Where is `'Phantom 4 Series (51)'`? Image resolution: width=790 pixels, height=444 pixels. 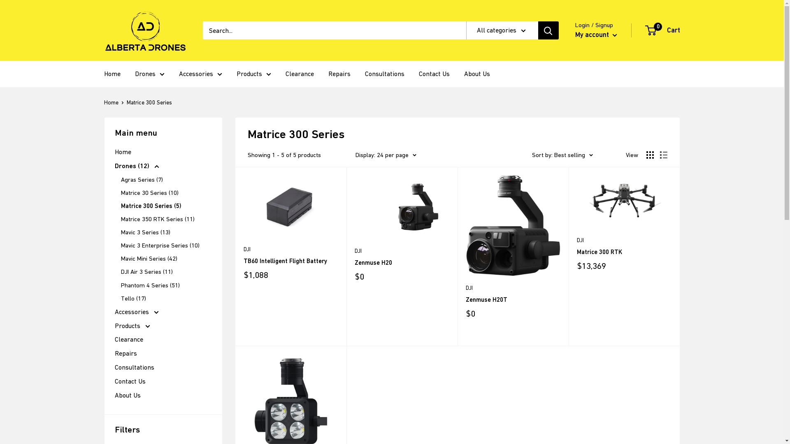
'Phantom 4 Series (51)' is located at coordinates (120, 285).